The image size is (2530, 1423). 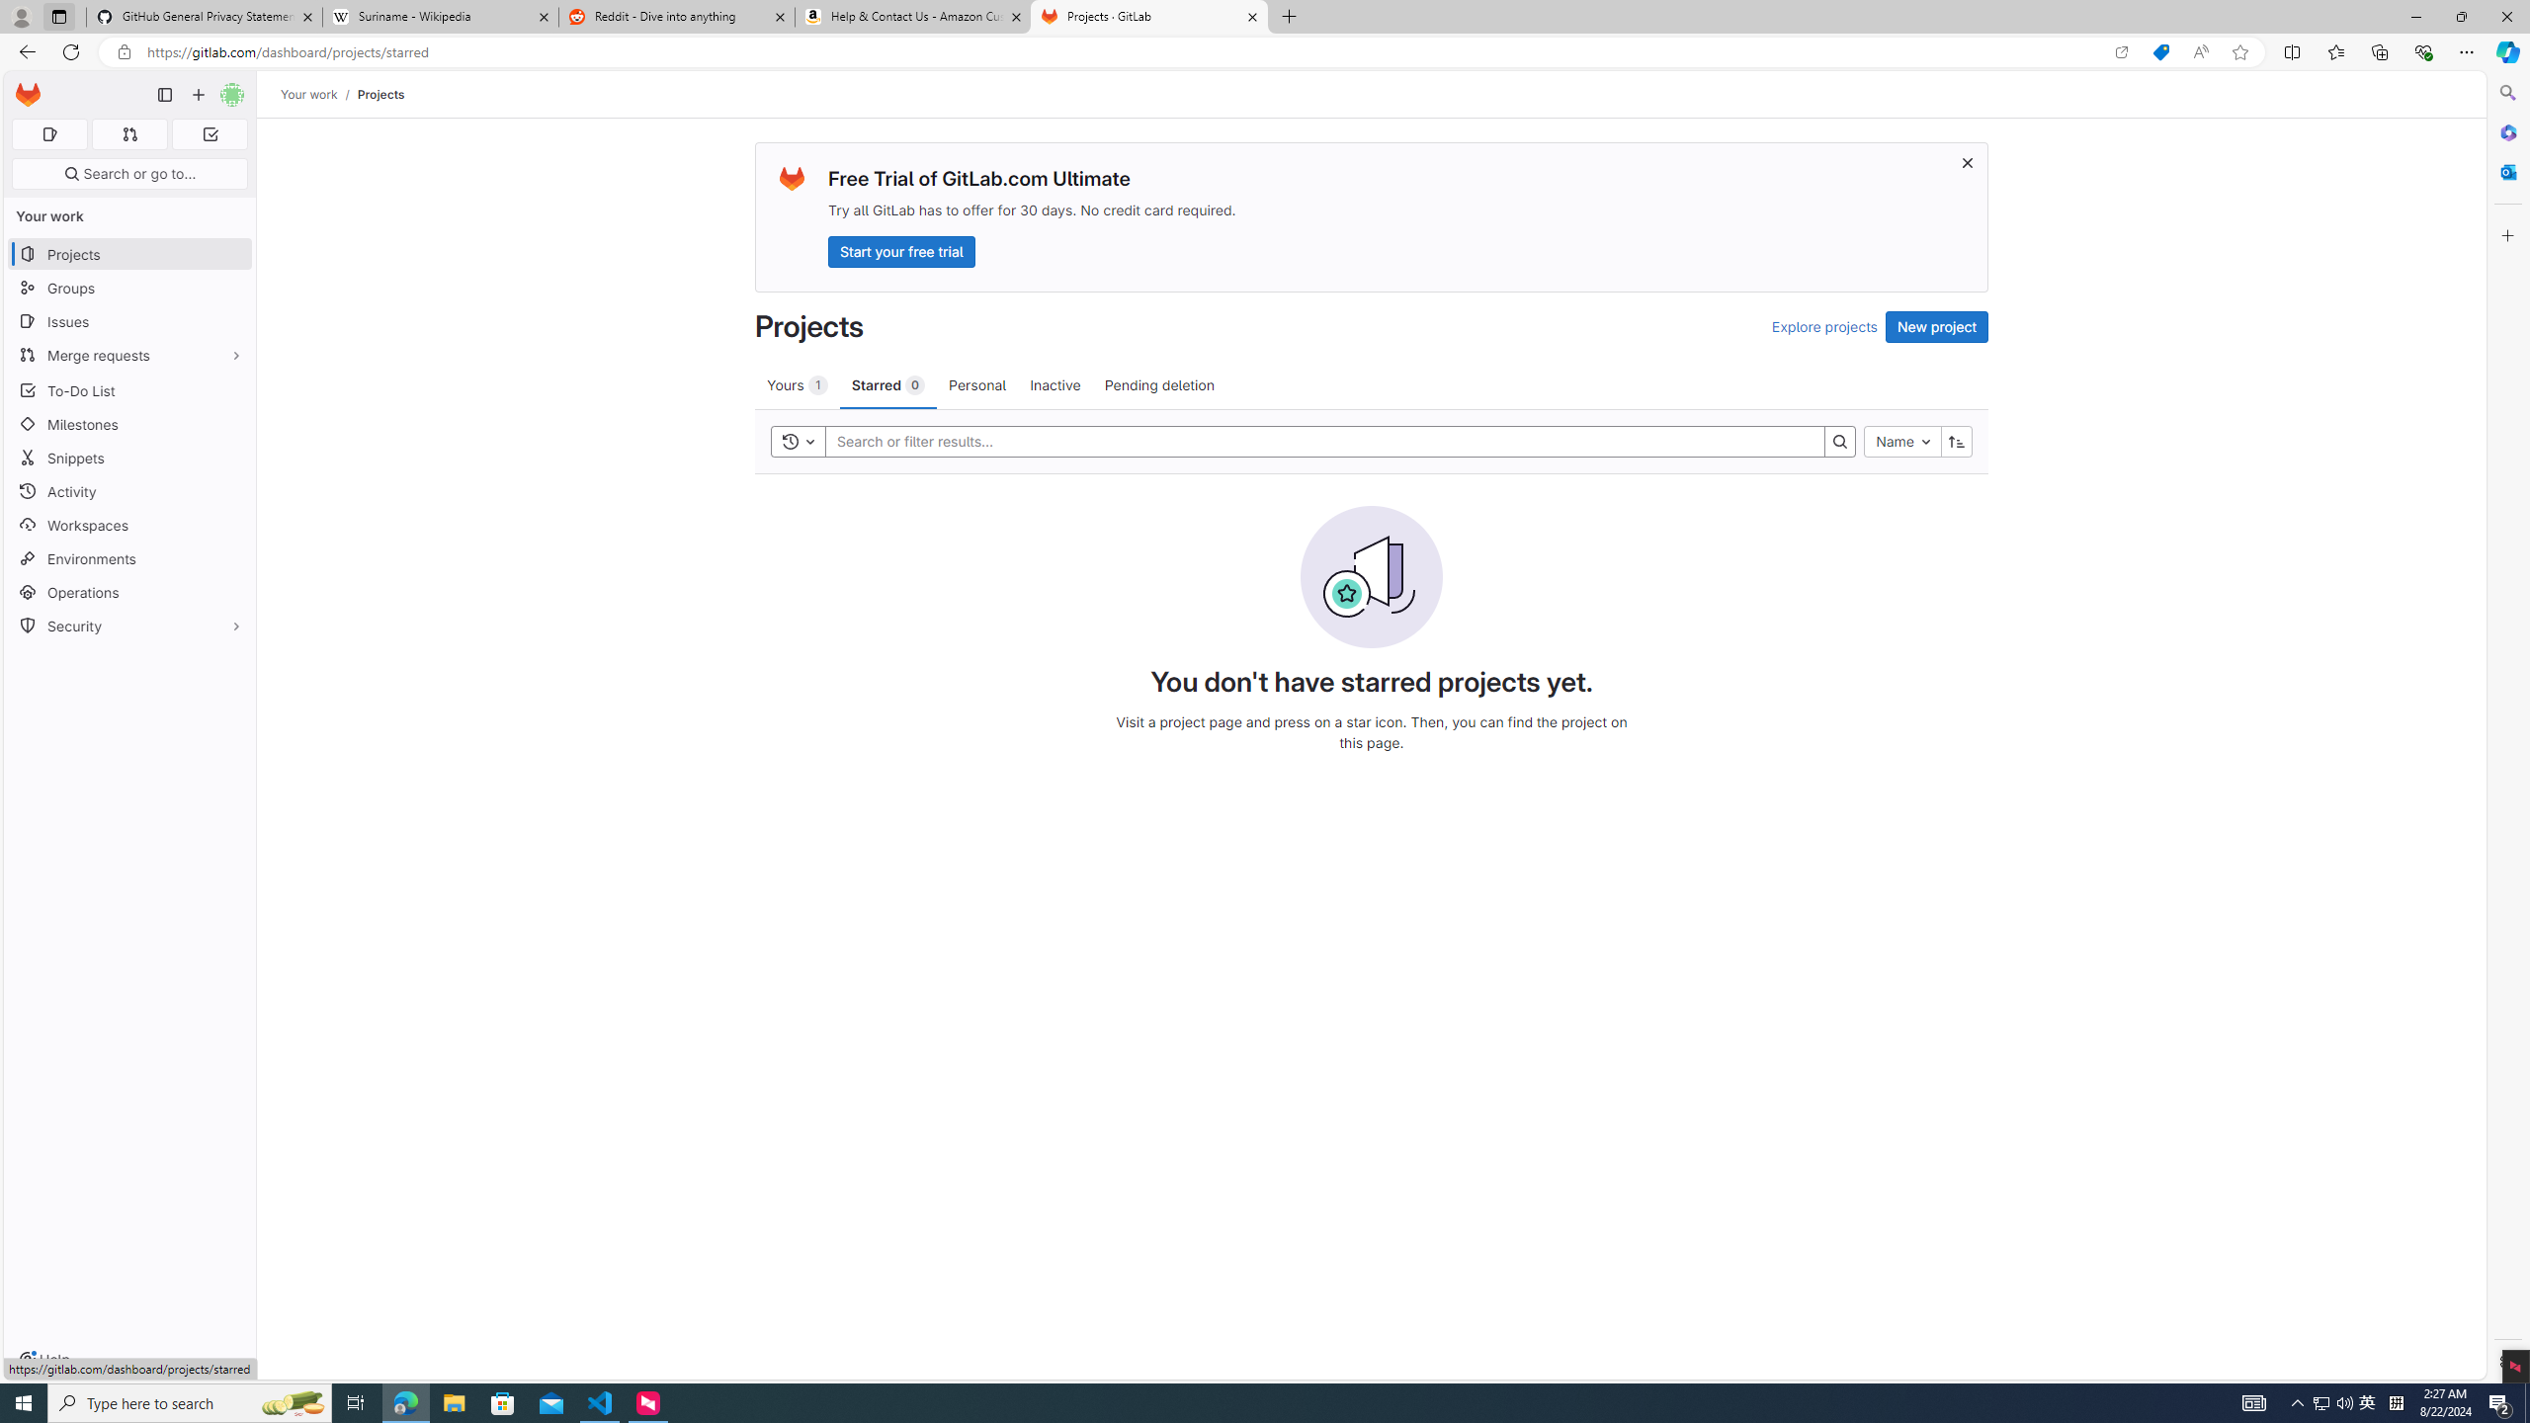 I want to click on 'Groups', so click(x=128, y=288).